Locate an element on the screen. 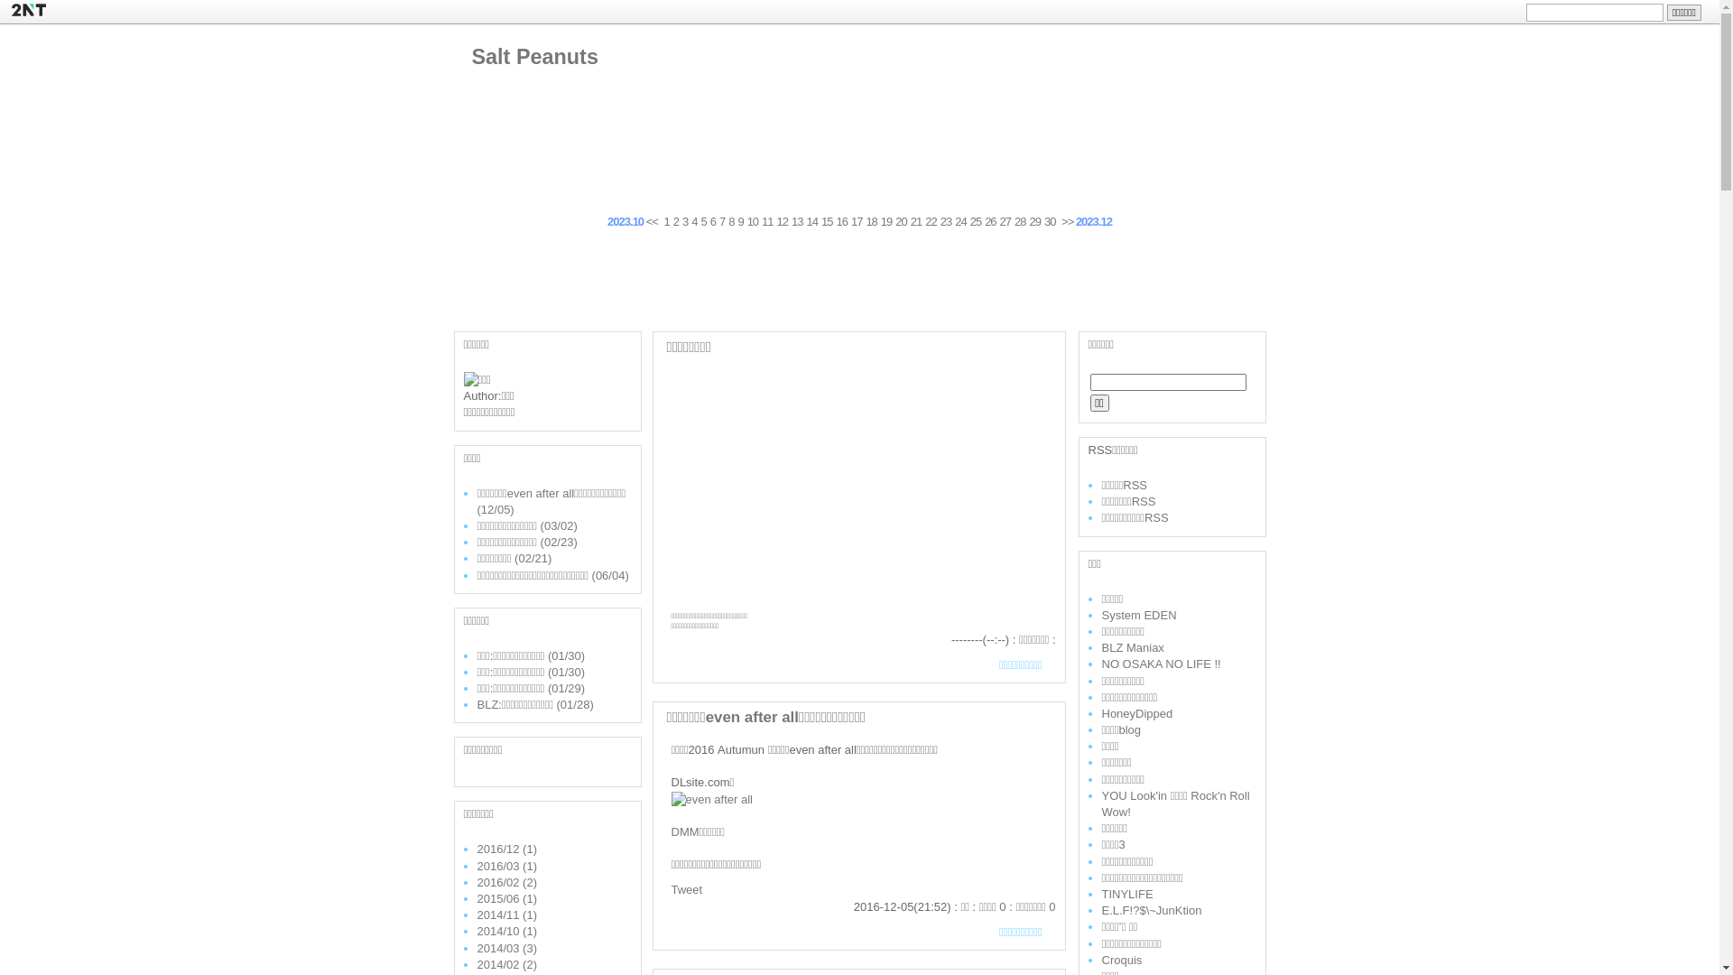 Image resolution: width=1733 pixels, height=975 pixels. 'Croquis' is located at coordinates (1120, 959).